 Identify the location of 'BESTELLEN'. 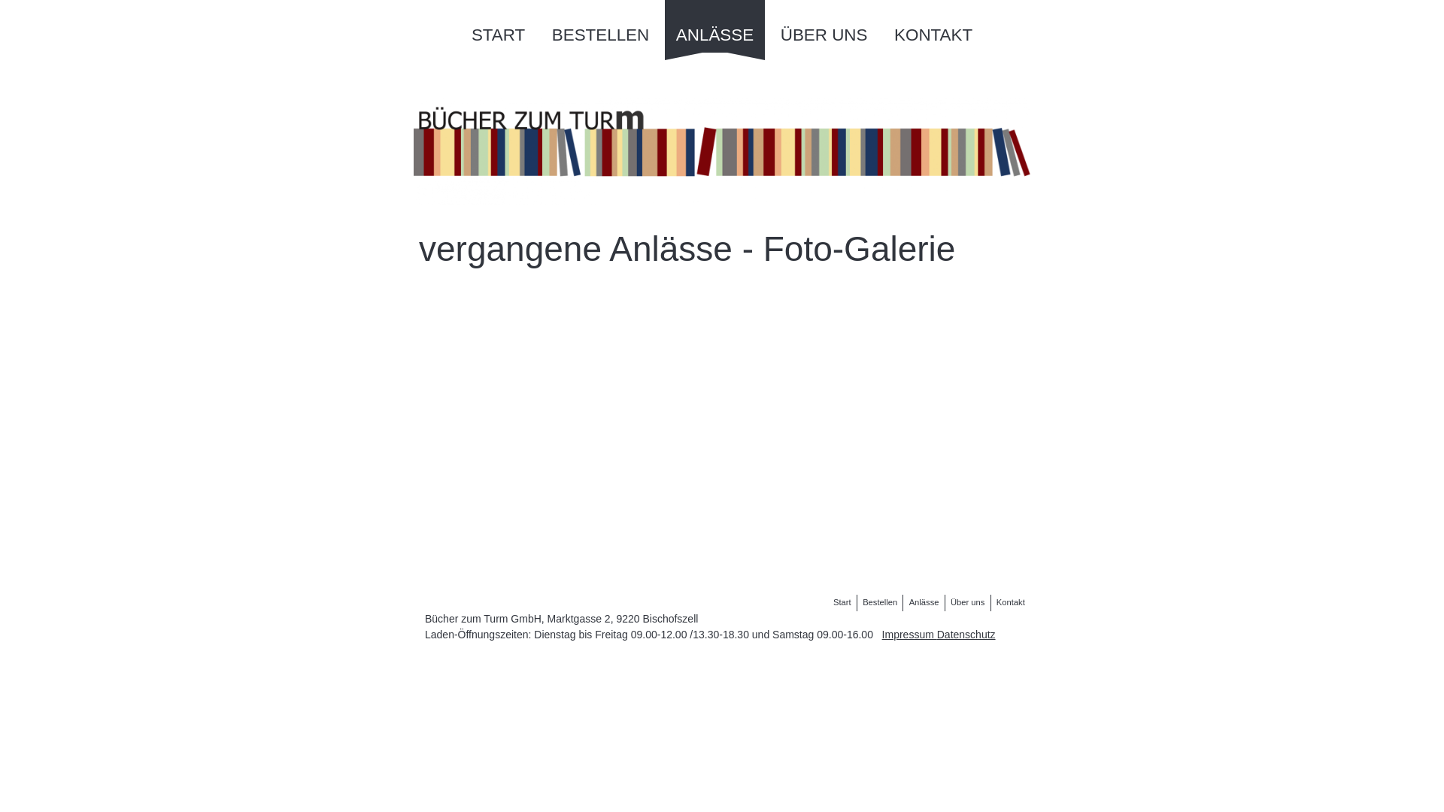
(599, 26).